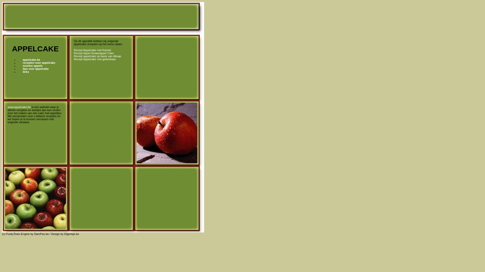  Describe the element at coordinates (31, 59) in the screenshot. I see `'appelcake.be'` at that location.